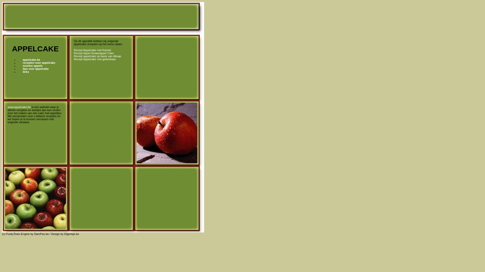  Describe the element at coordinates (31, 59) in the screenshot. I see `'appelcake.be'` at that location.